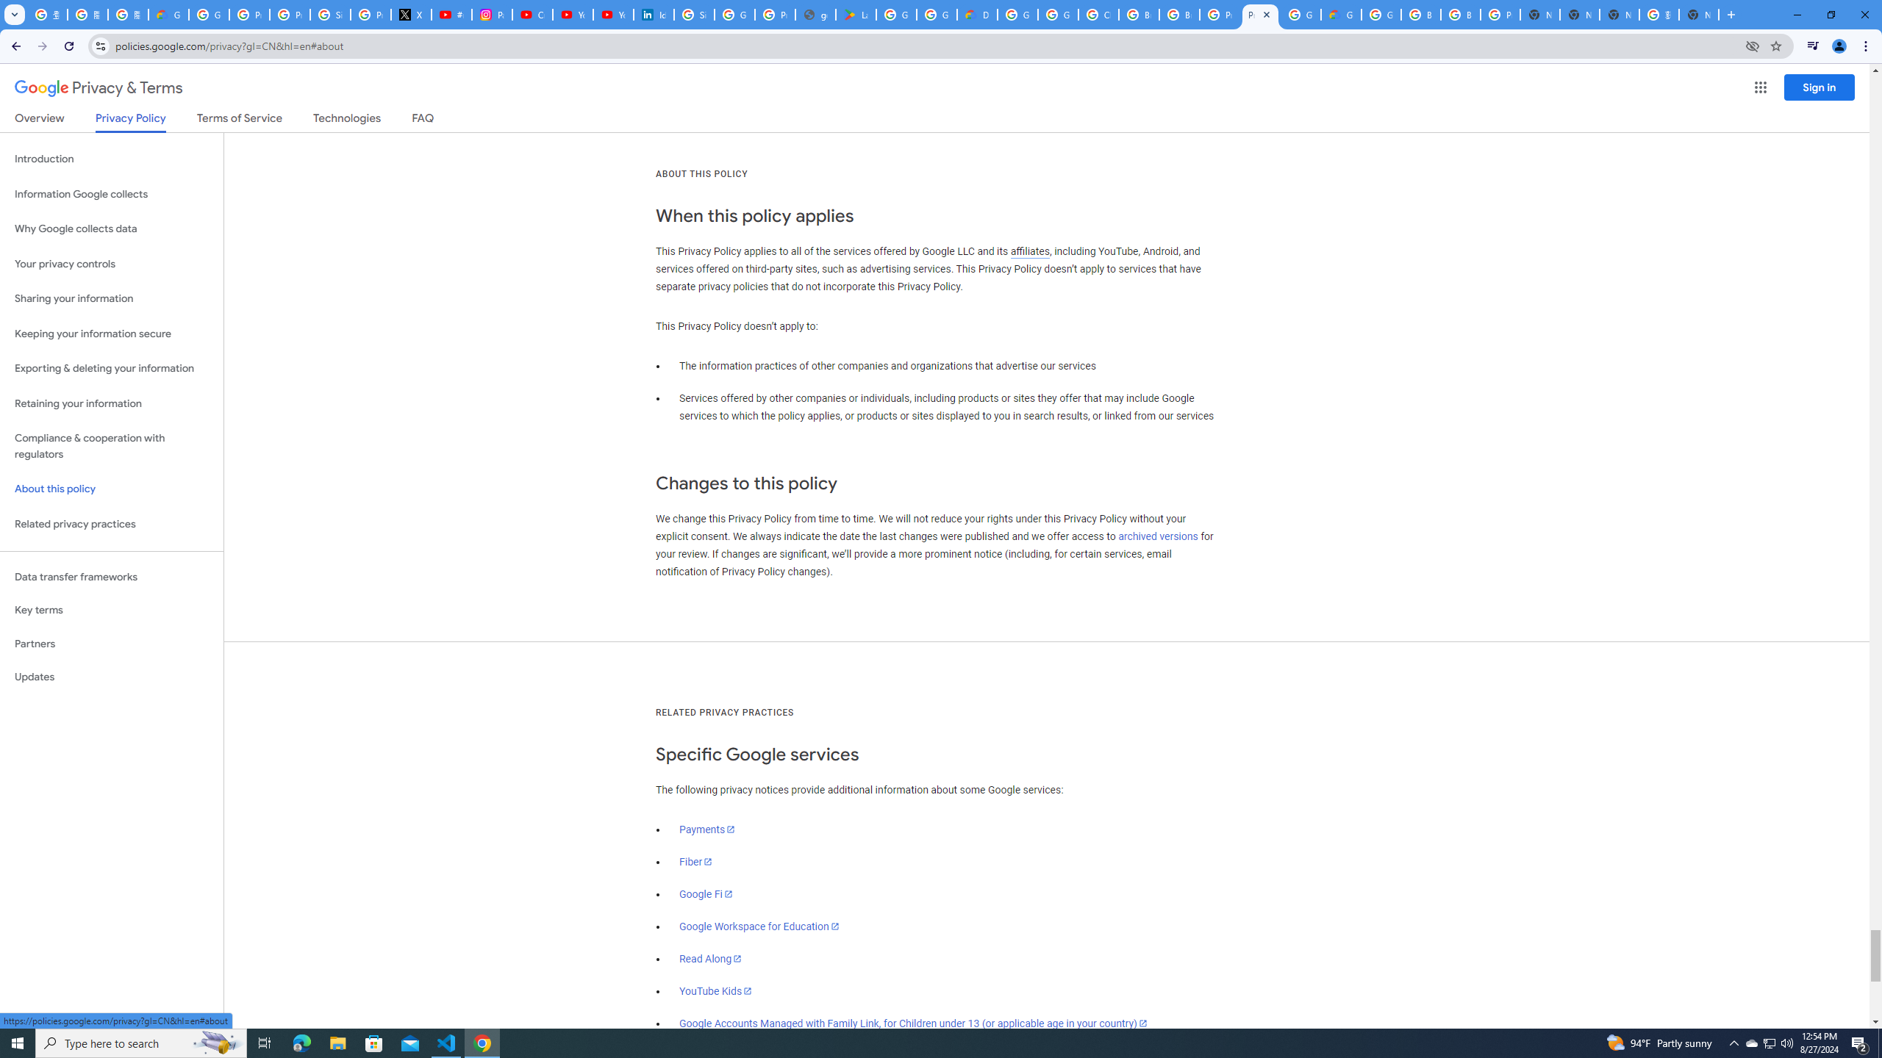 This screenshot has height=1058, width=1882. Describe the element at coordinates (111, 403) in the screenshot. I see `'Retaining your information'` at that location.